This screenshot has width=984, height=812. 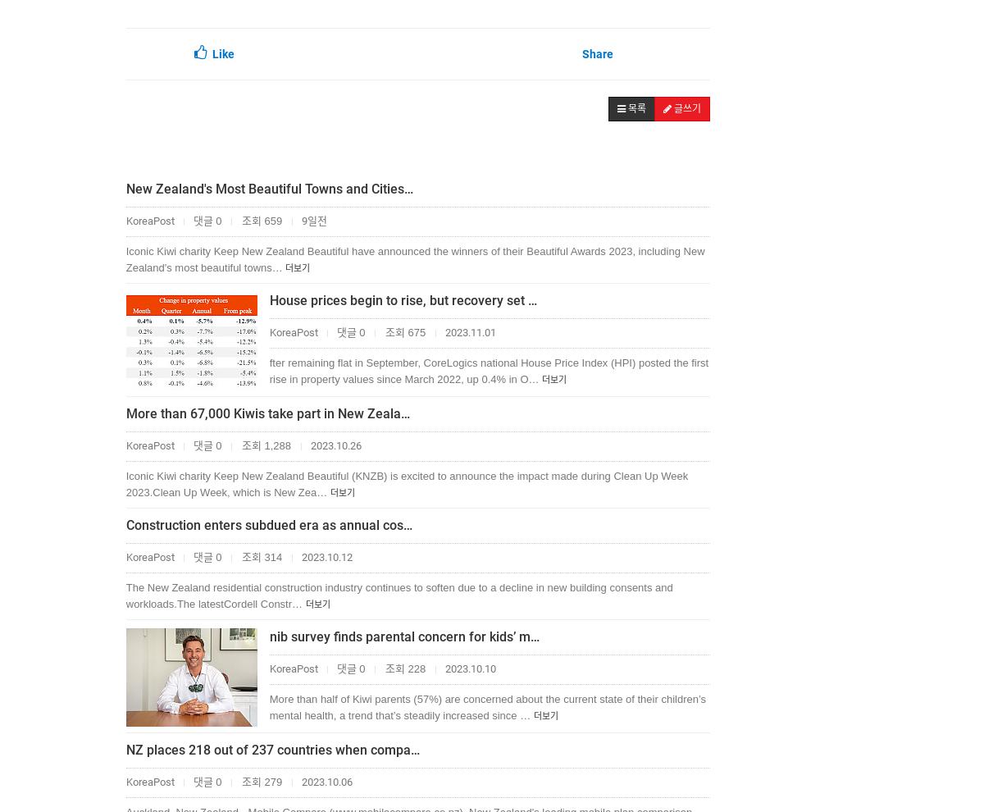 I want to click on '2023.10.10', so click(x=467, y=668).